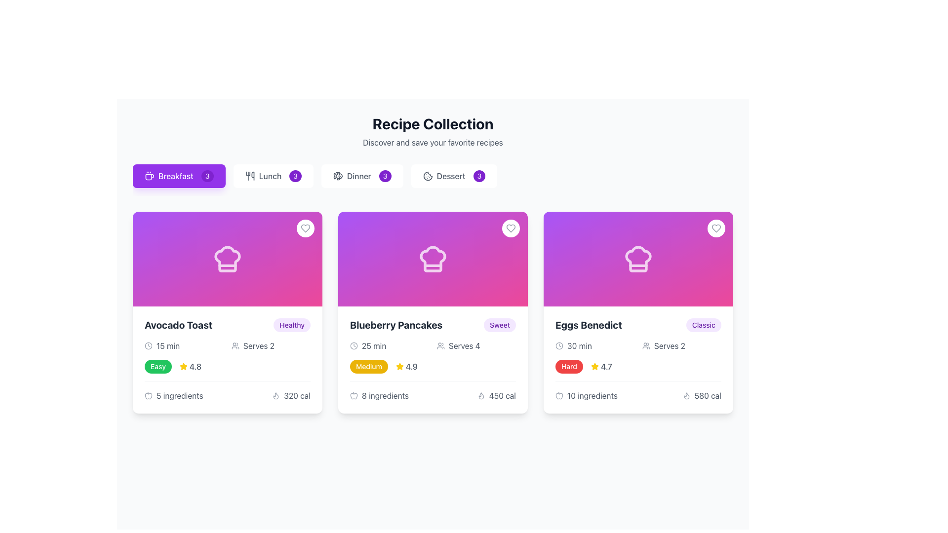 This screenshot has width=948, height=533. What do you see at coordinates (270, 176) in the screenshot?
I see `the label representing the meal category 'Lunch' in the meal-selector interface, which is located between a graphical icon and a numerical badge labeled '3'` at bounding box center [270, 176].